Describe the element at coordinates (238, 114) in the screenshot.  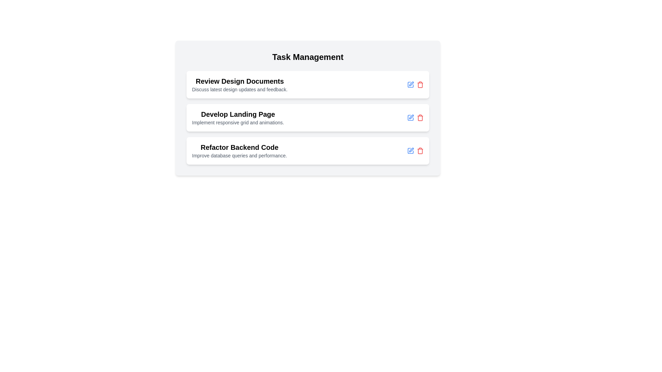
I see `the title text label for the second task item, which describes the purpose of the task above the text 'Implement responsive grid and animations.'` at that location.